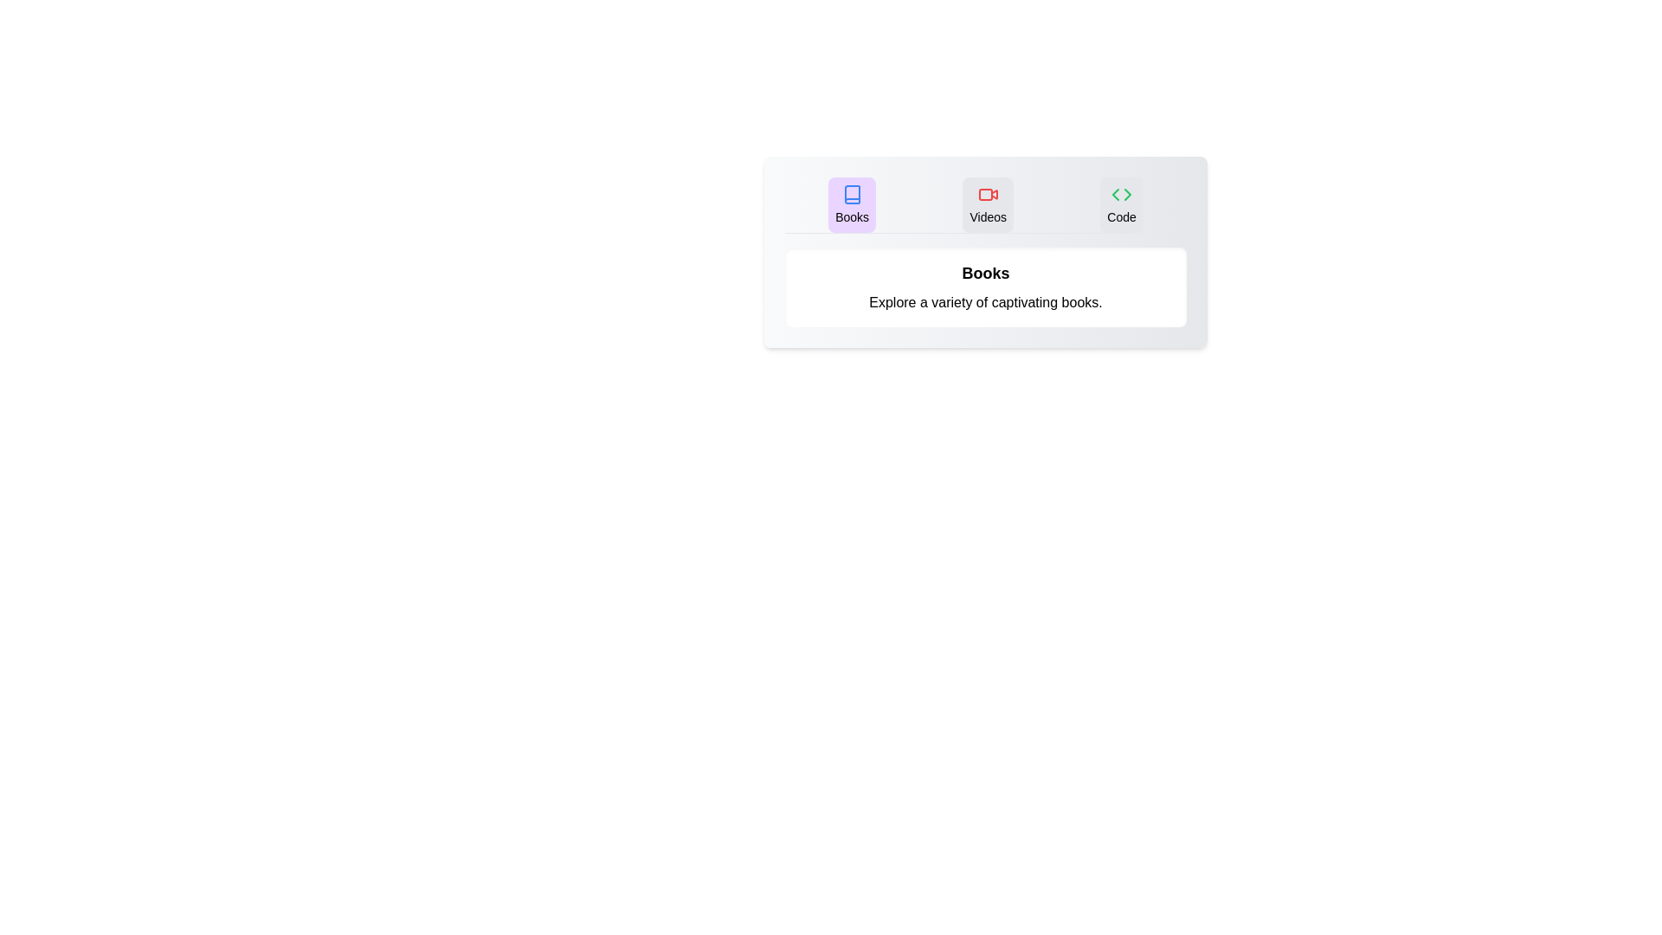 This screenshot has width=1662, height=935. I want to click on the Books tab by clicking on it, so click(852, 203).